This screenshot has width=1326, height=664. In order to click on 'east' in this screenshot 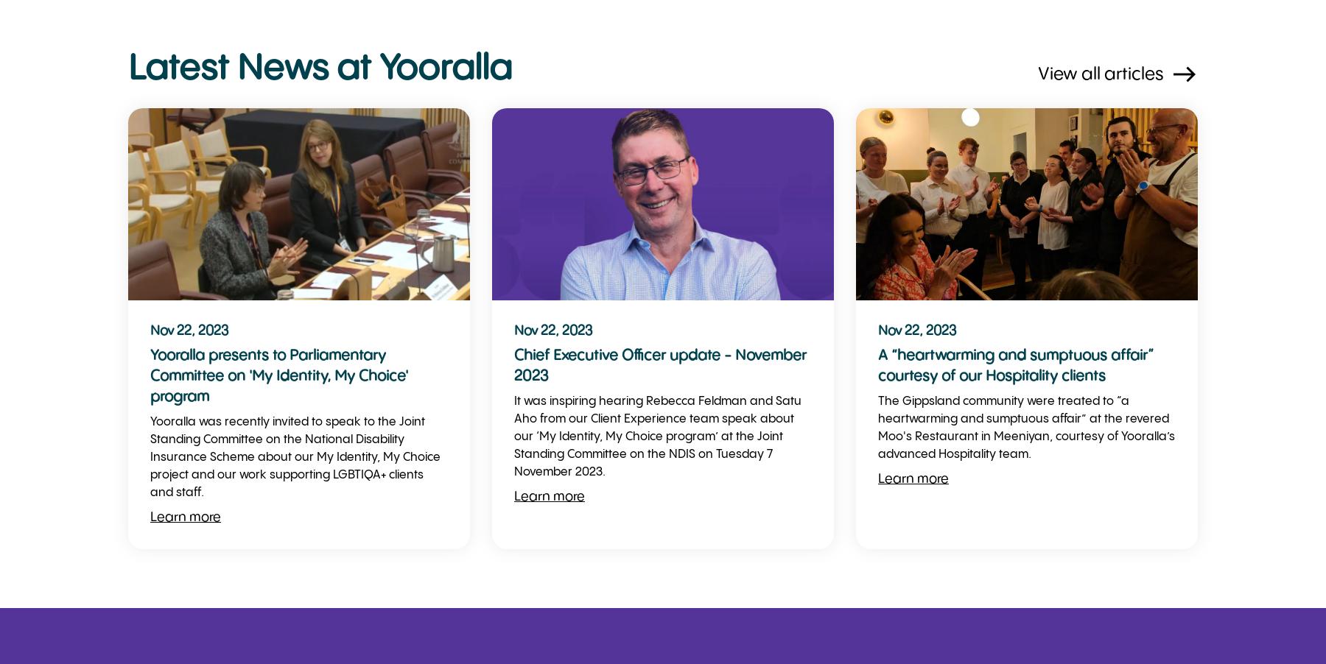, I will do `click(1170, 74)`.